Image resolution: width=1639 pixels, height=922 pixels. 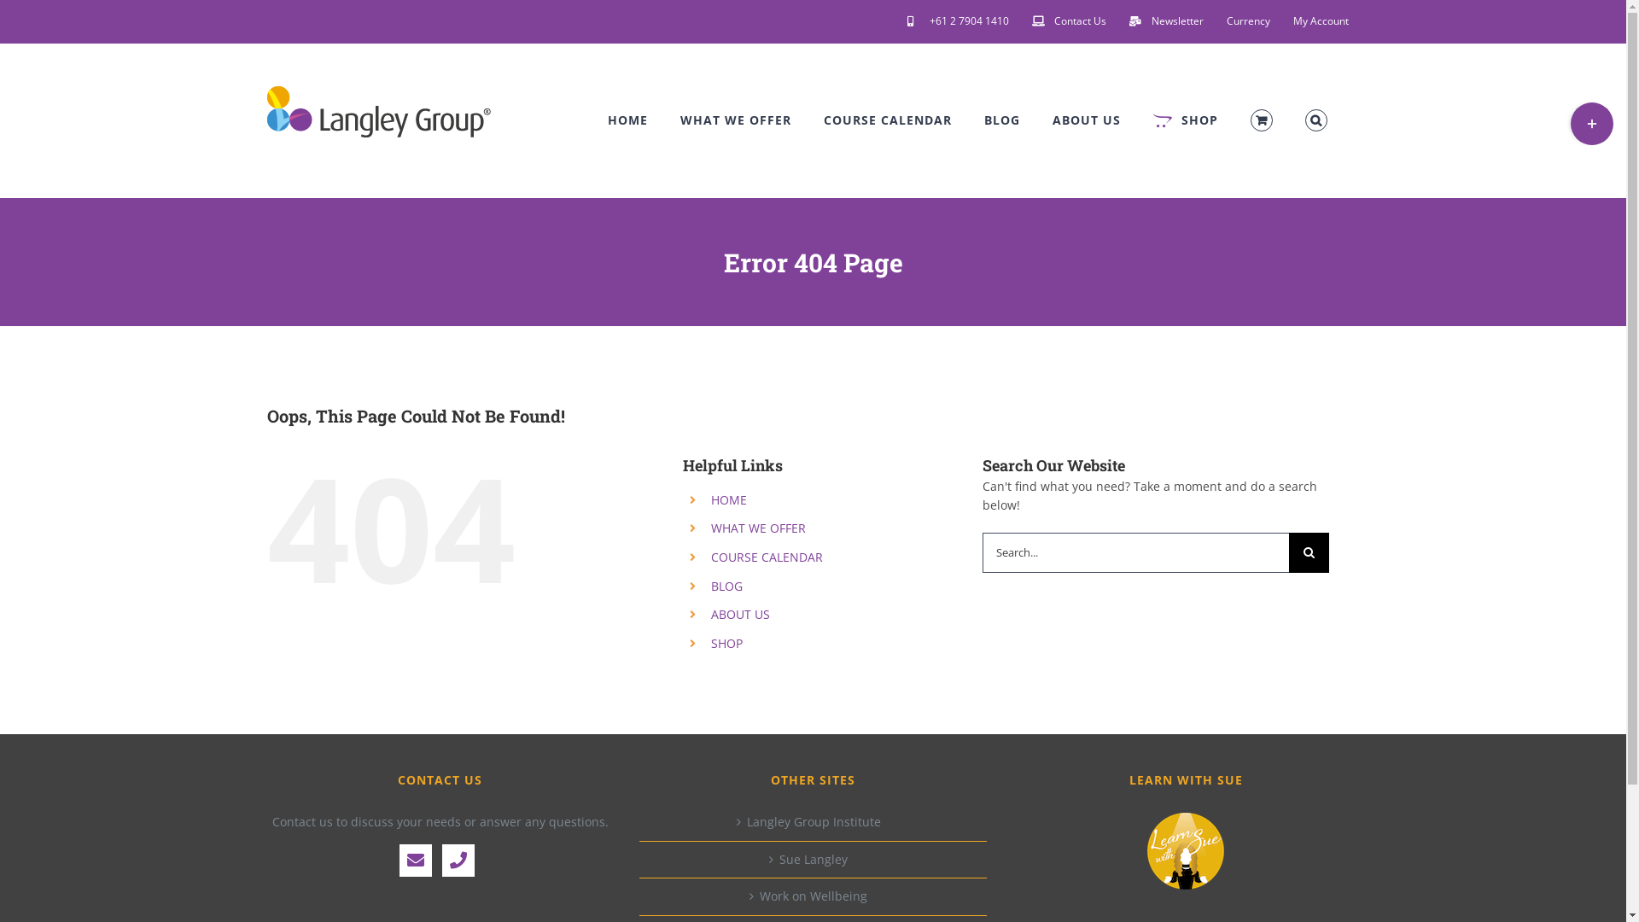 What do you see at coordinates (813, 859) in the screenshot?
I see `'Sue Langley'` at bounding box center [813, 859].